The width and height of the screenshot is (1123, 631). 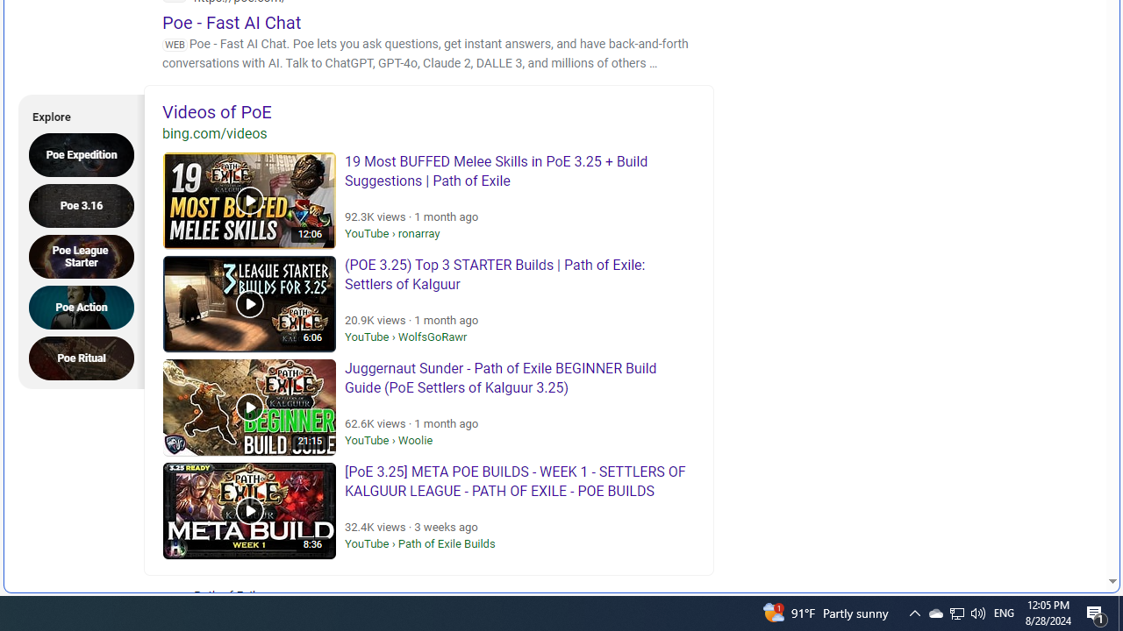 What do you see at coordinates (86, 357) in the screenshot?
I see `'Poe Ritual'` at bounding box center [86, 357].